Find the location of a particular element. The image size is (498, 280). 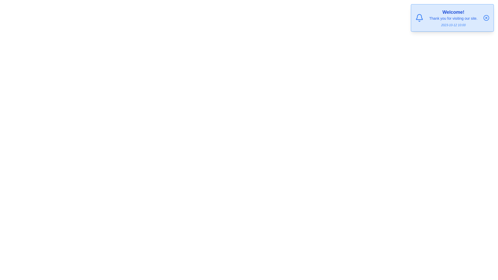

the close button of the snackbar to dismiss the message is located at coordinates (486, 18).